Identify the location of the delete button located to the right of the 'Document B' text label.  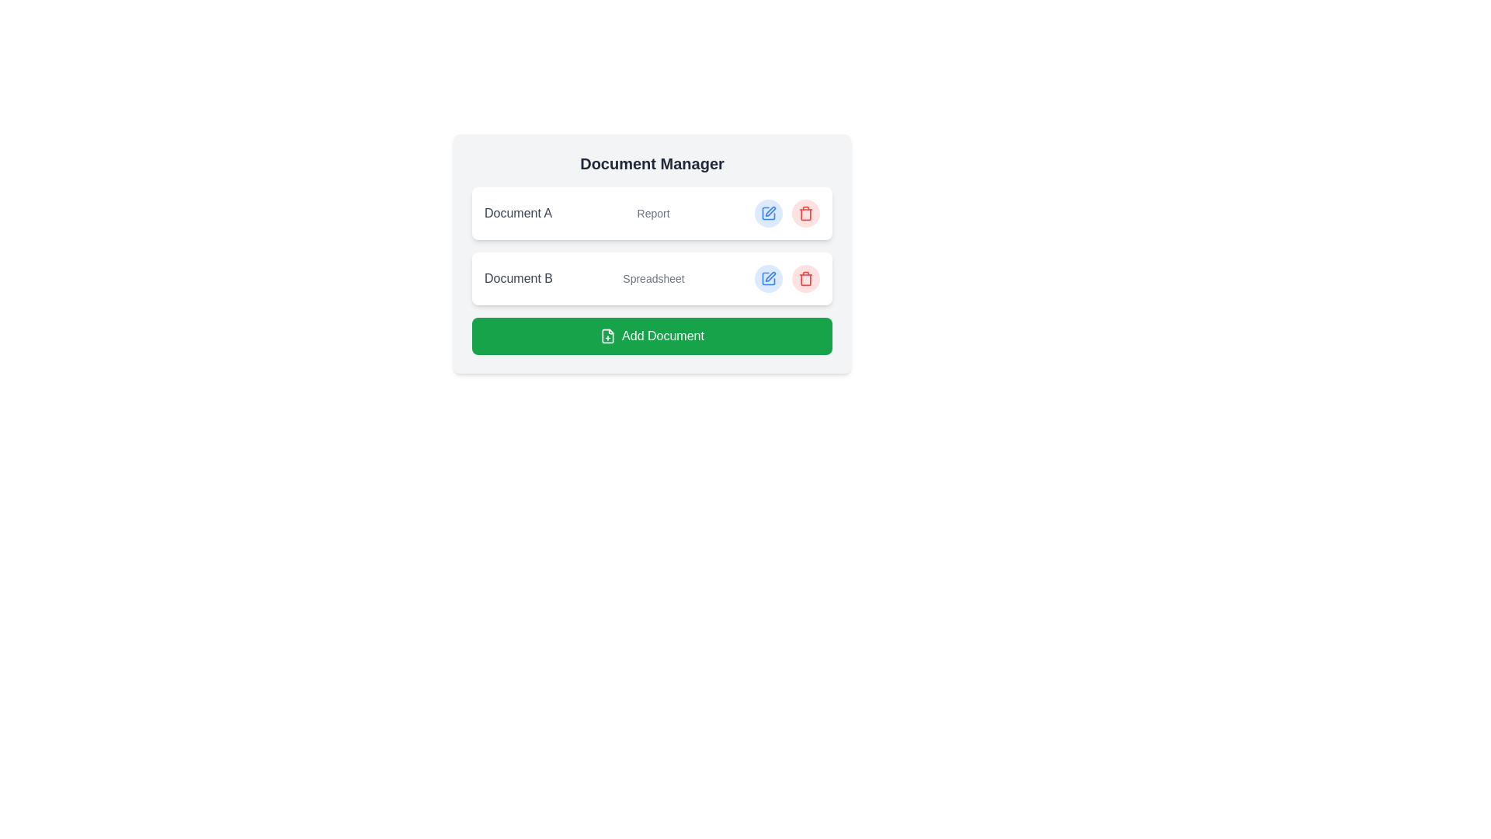
(805, 277).